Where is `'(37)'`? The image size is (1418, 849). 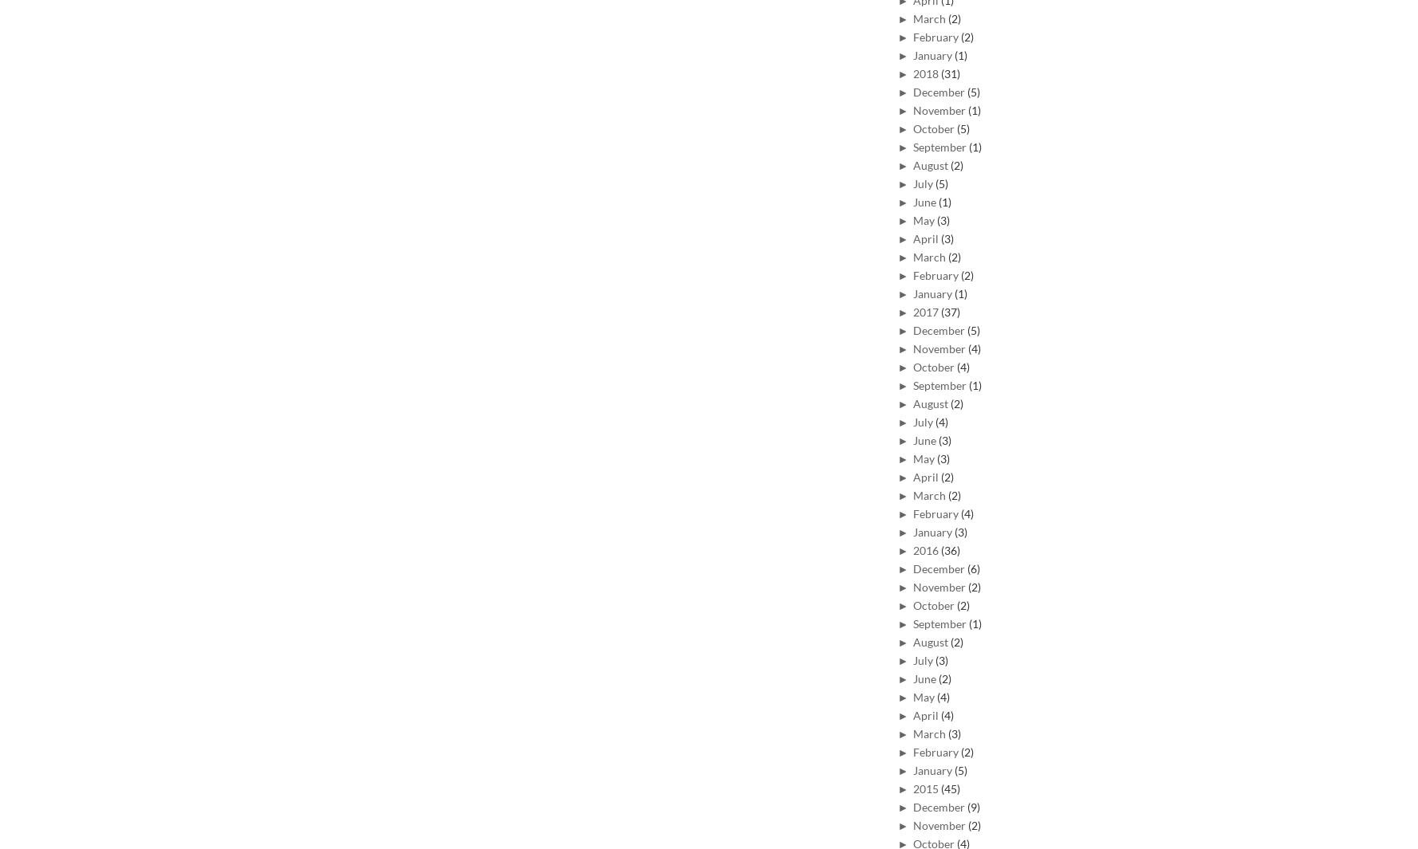 '(37)' is located at coordinates (950, 310).